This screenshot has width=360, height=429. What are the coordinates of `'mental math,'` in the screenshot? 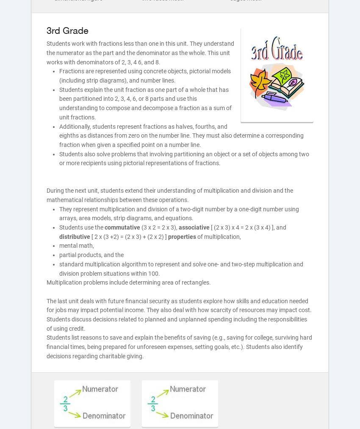 It's located at (76, 246).